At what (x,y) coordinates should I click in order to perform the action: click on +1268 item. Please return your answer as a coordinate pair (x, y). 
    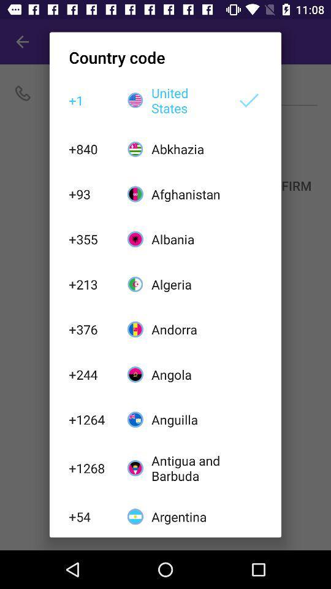
    Looking at the image, I should click on (91, 468).